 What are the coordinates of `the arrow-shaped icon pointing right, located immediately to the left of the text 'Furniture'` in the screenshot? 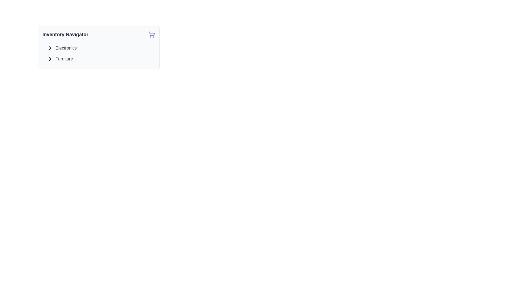 It's located at (50, 59).